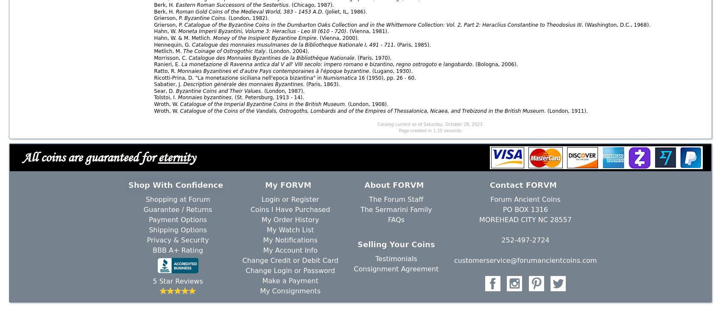  What do you see at coordinates (362, 110) in the screenshot?
I see `'Catalogue of the Coins of the Vandals, Ostrogoths, Lombards and of the Empires of Thessalonica, Nicaea, and Trebizond in the British Museum'` at bounding box center [362, 110].